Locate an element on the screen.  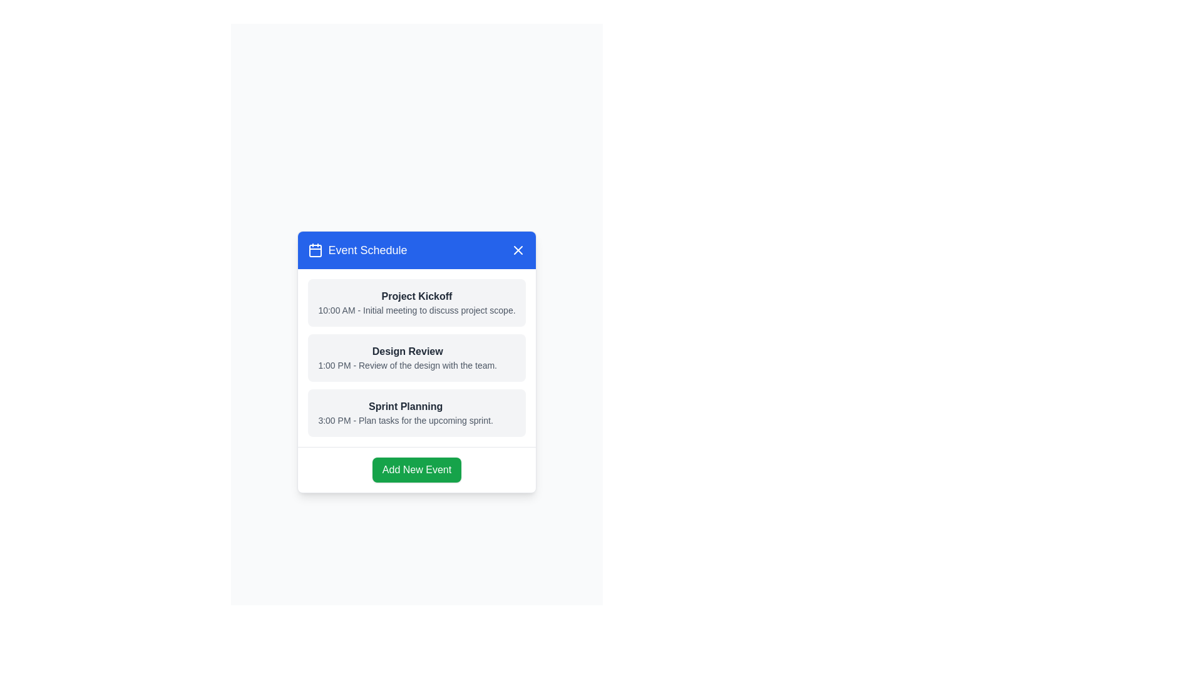
the 'Add New Event' button to trigger the action is located at coordinates (417, 469).